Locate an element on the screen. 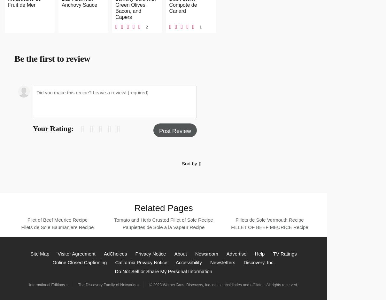 The image size is (386, 300). 'Help' is located at coordinates (259, 253).